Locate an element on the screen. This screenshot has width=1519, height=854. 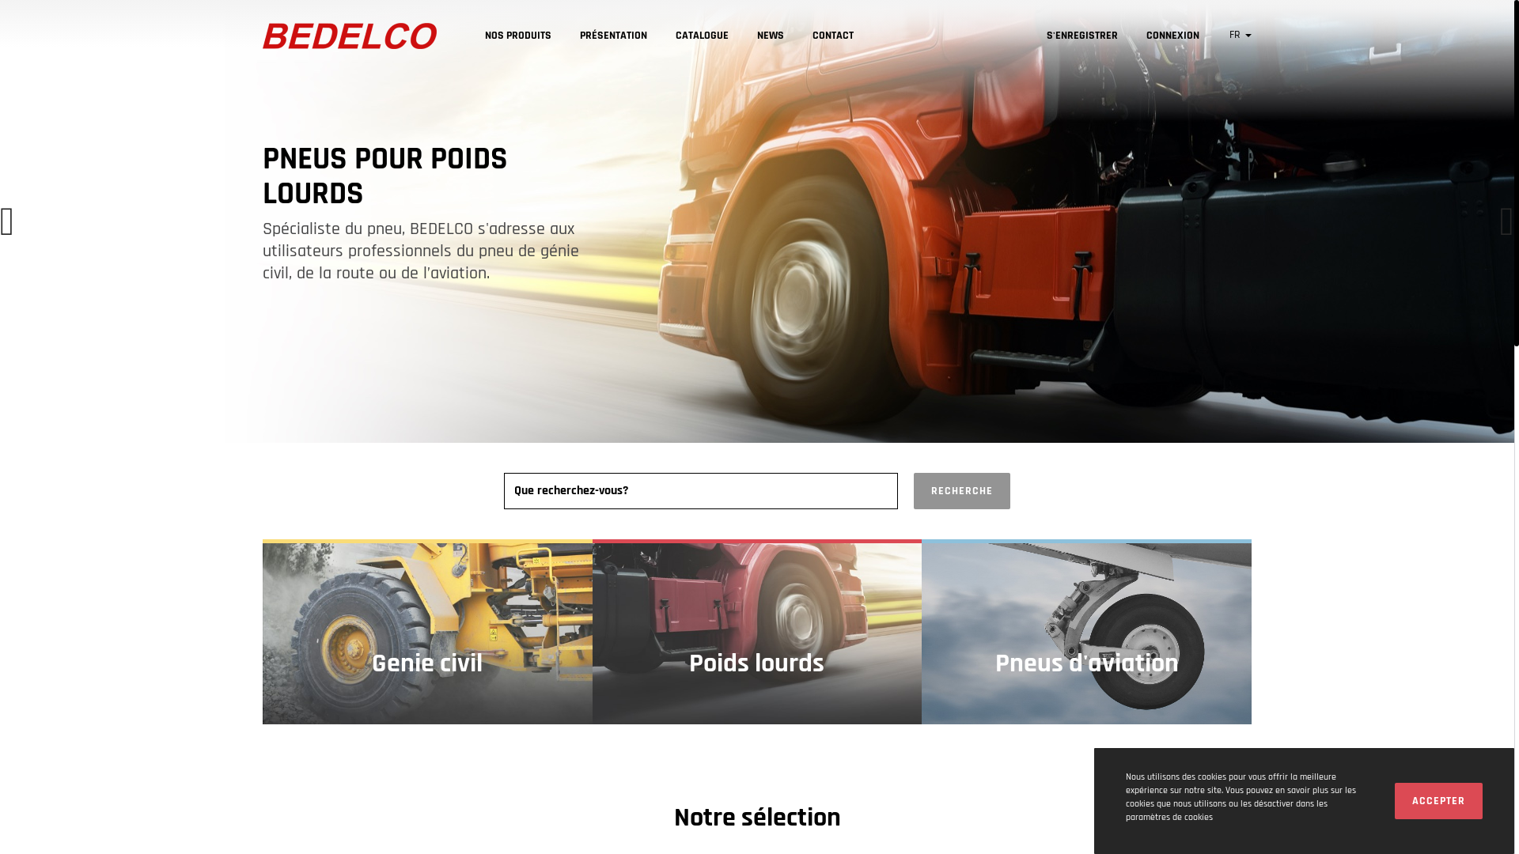
'Poids lourds' is located at coordinates (756, 630).